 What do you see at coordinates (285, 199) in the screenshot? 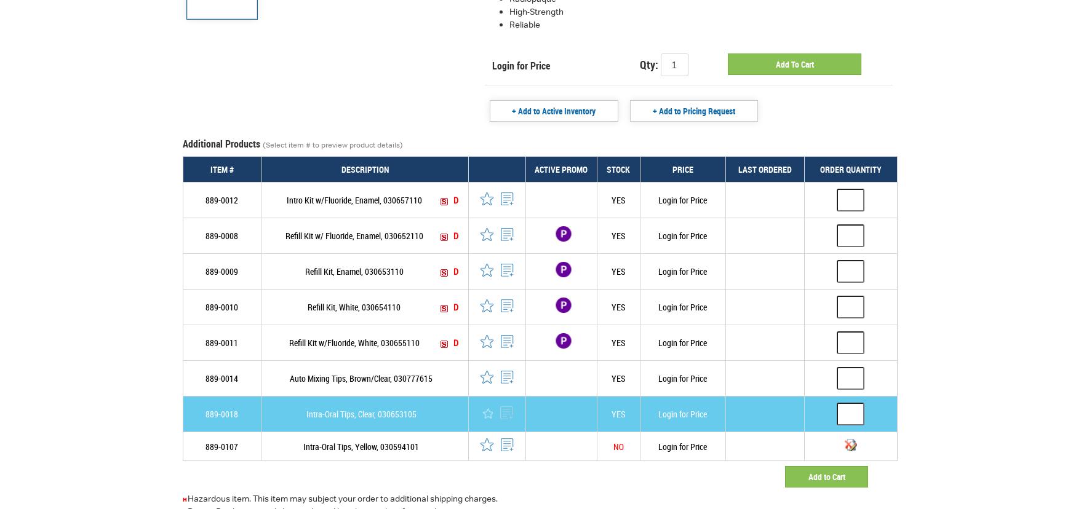
I see `'Intro Kit w/Fluoride, Enamel, 030657110'` at bounding box center [285, 199].